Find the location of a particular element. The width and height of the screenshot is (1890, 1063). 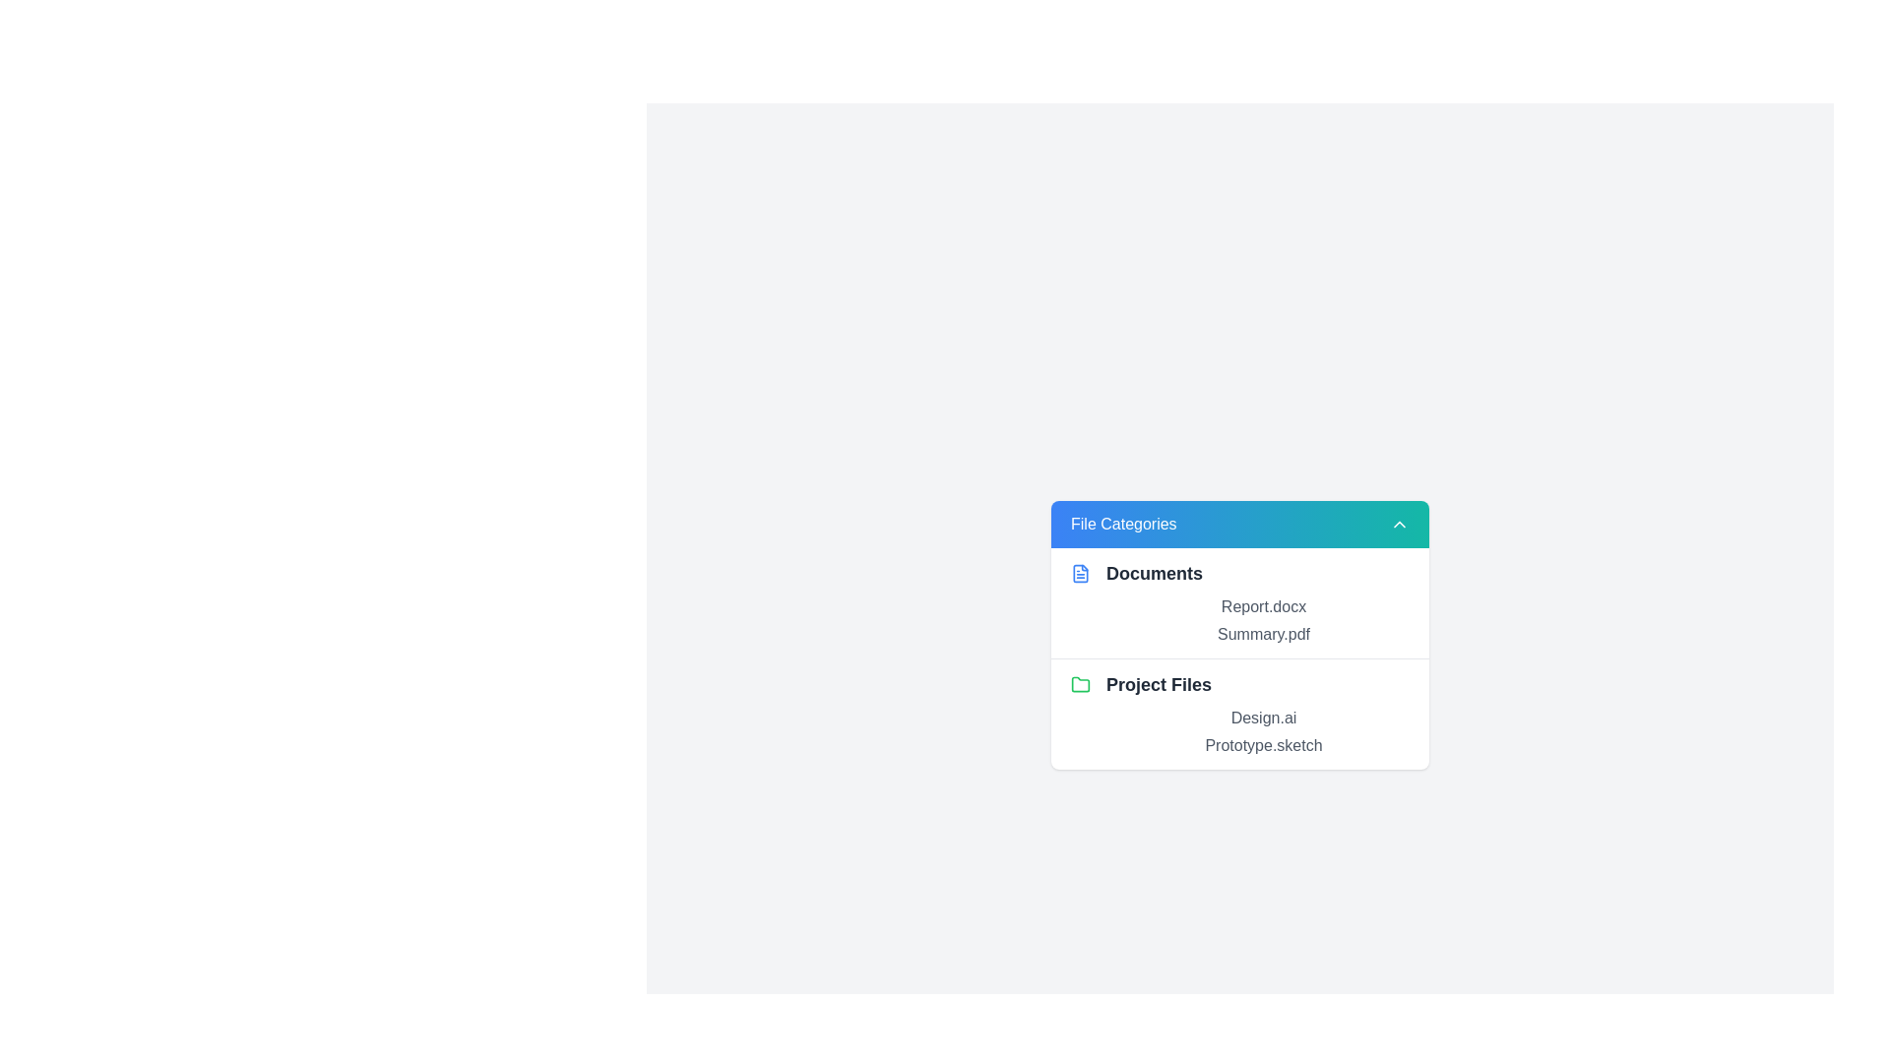

to select the file 'Design.ai', which is the first item under the 'Project Files' section in the list layout is located at coordinates (1263, 718).